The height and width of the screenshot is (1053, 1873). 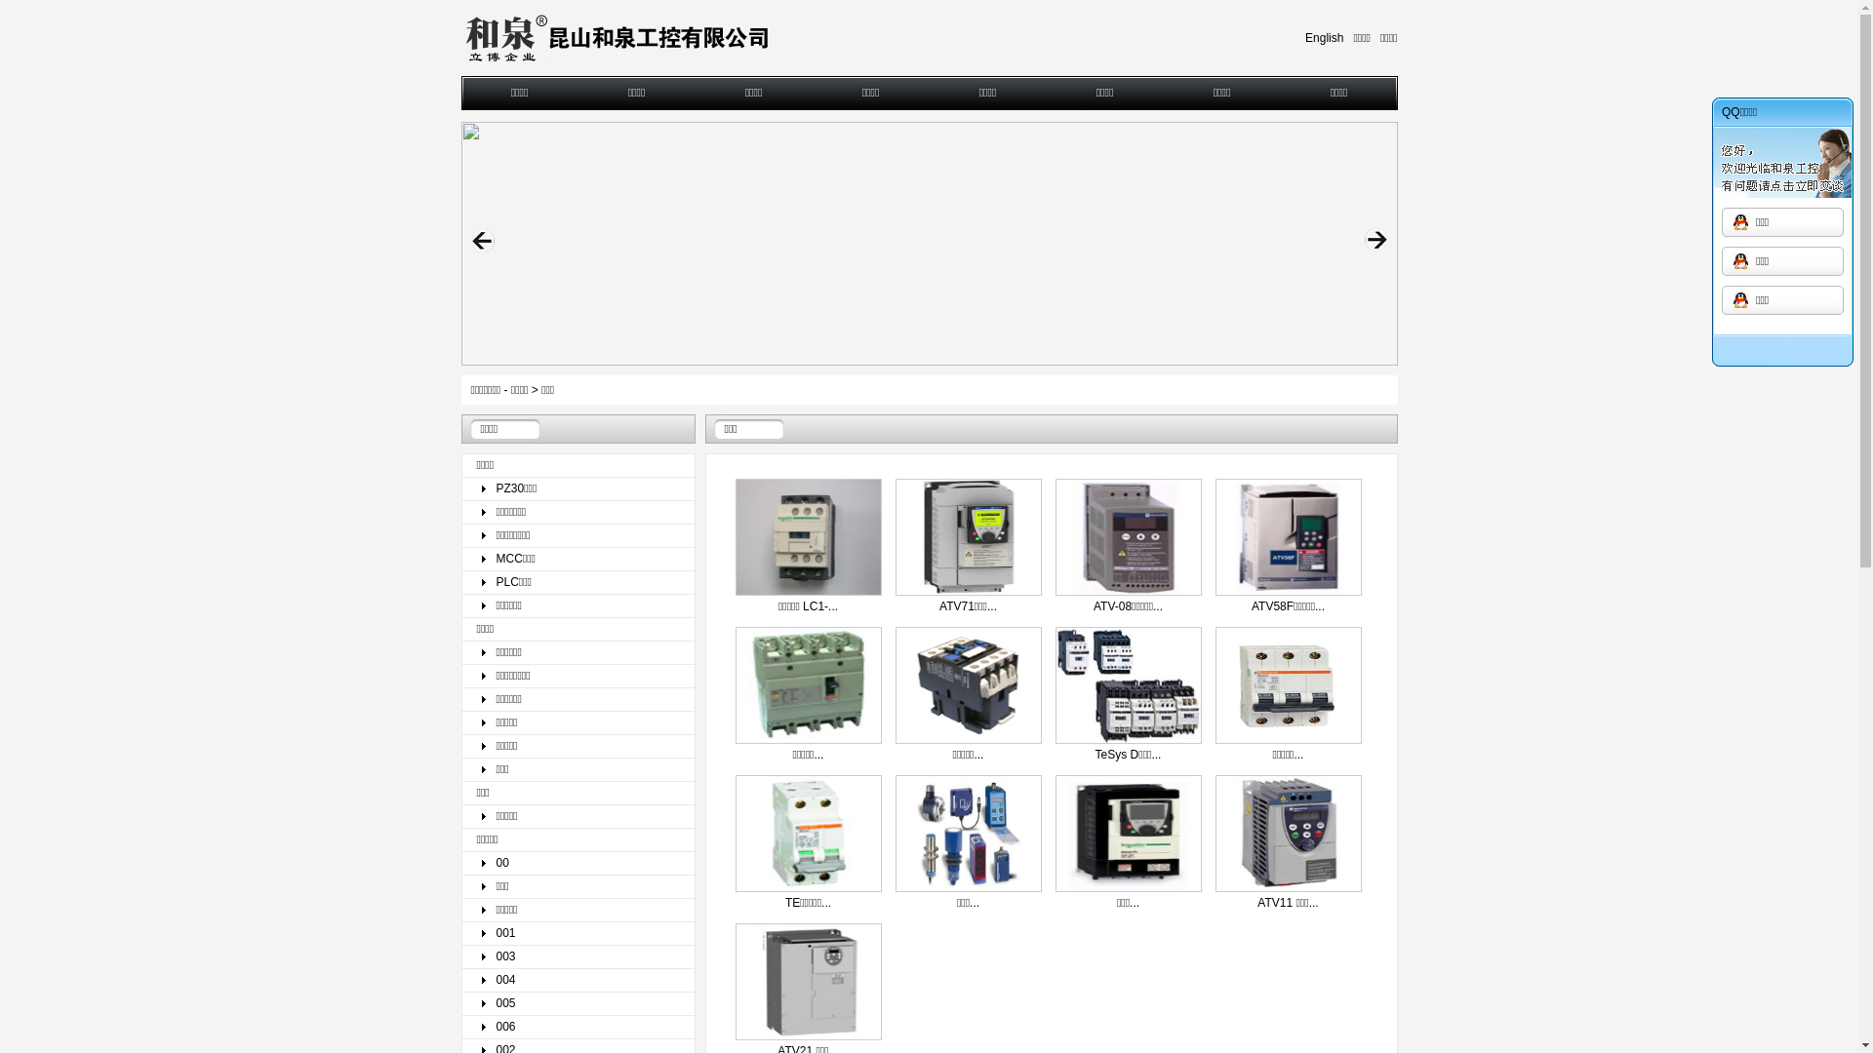 What do you see at coordinates (578, 955) in the screenshot?
I see `'003'` at bounding box center [578, 955].